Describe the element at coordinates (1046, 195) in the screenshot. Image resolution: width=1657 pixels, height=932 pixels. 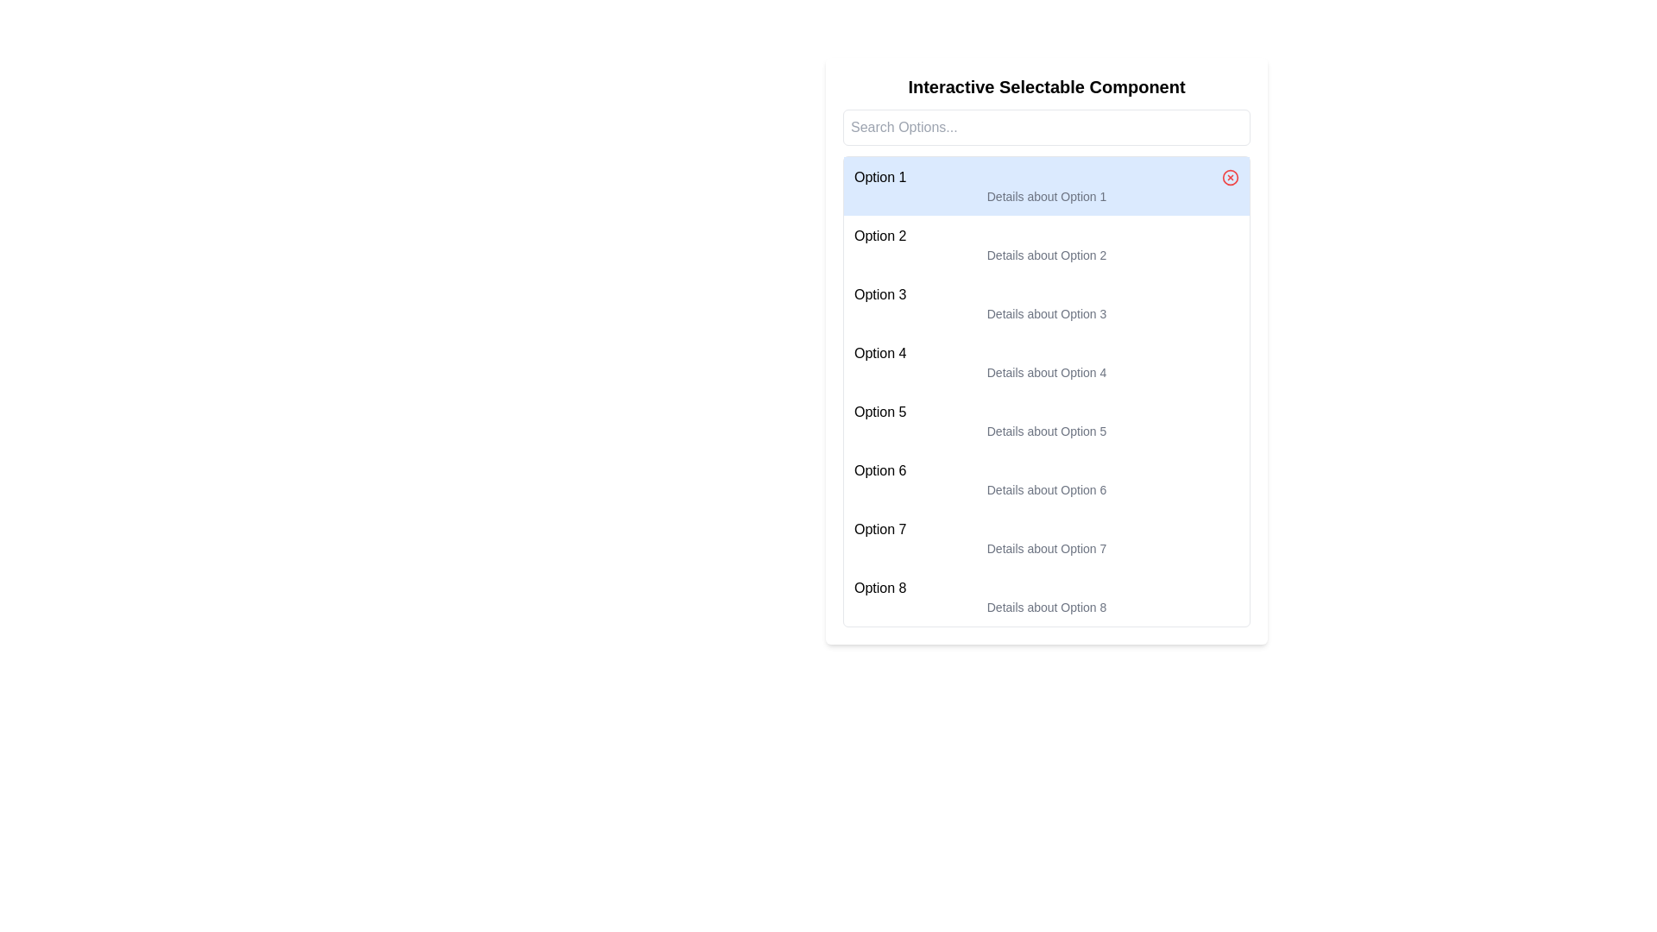
I see `the text label displaying 'Details about Option 1', which is located below the main title 'Option 1' within the first selectable option box` at that location.